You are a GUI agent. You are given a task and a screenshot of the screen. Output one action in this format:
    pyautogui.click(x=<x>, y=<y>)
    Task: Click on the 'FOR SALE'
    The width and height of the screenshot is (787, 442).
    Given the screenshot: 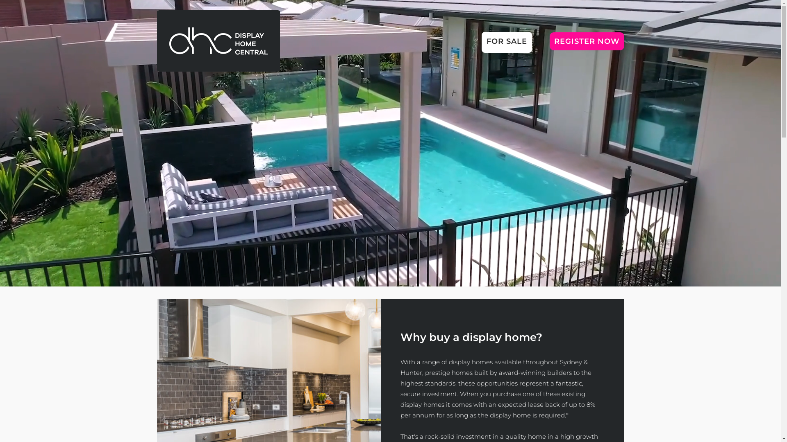 What is the action you would take?
    pyautogui.click(x=486, y=42)
    